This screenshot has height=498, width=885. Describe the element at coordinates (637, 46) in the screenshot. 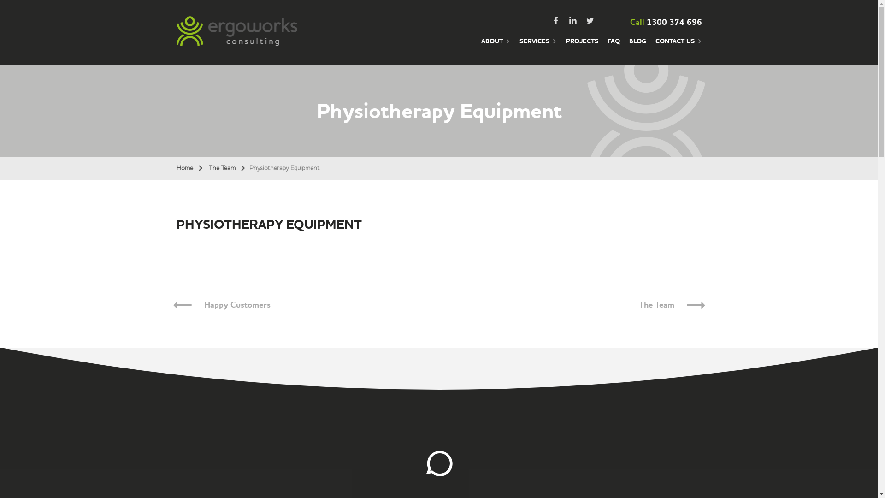

I see `'BLOG'` at that location.